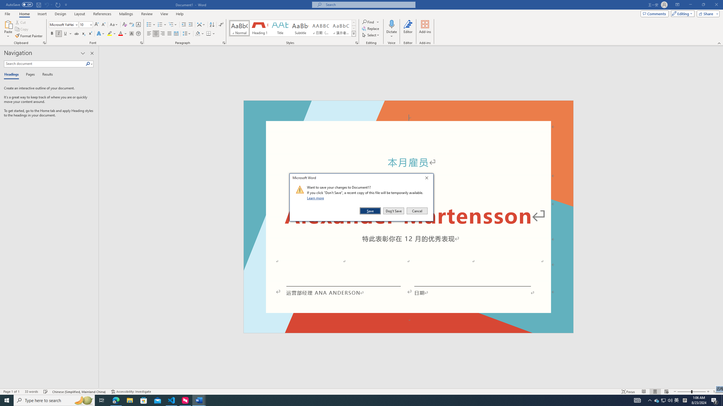  Describe the element at coordinates (54, 400) in the screenshot. I see `'Type here to search'` at that location.